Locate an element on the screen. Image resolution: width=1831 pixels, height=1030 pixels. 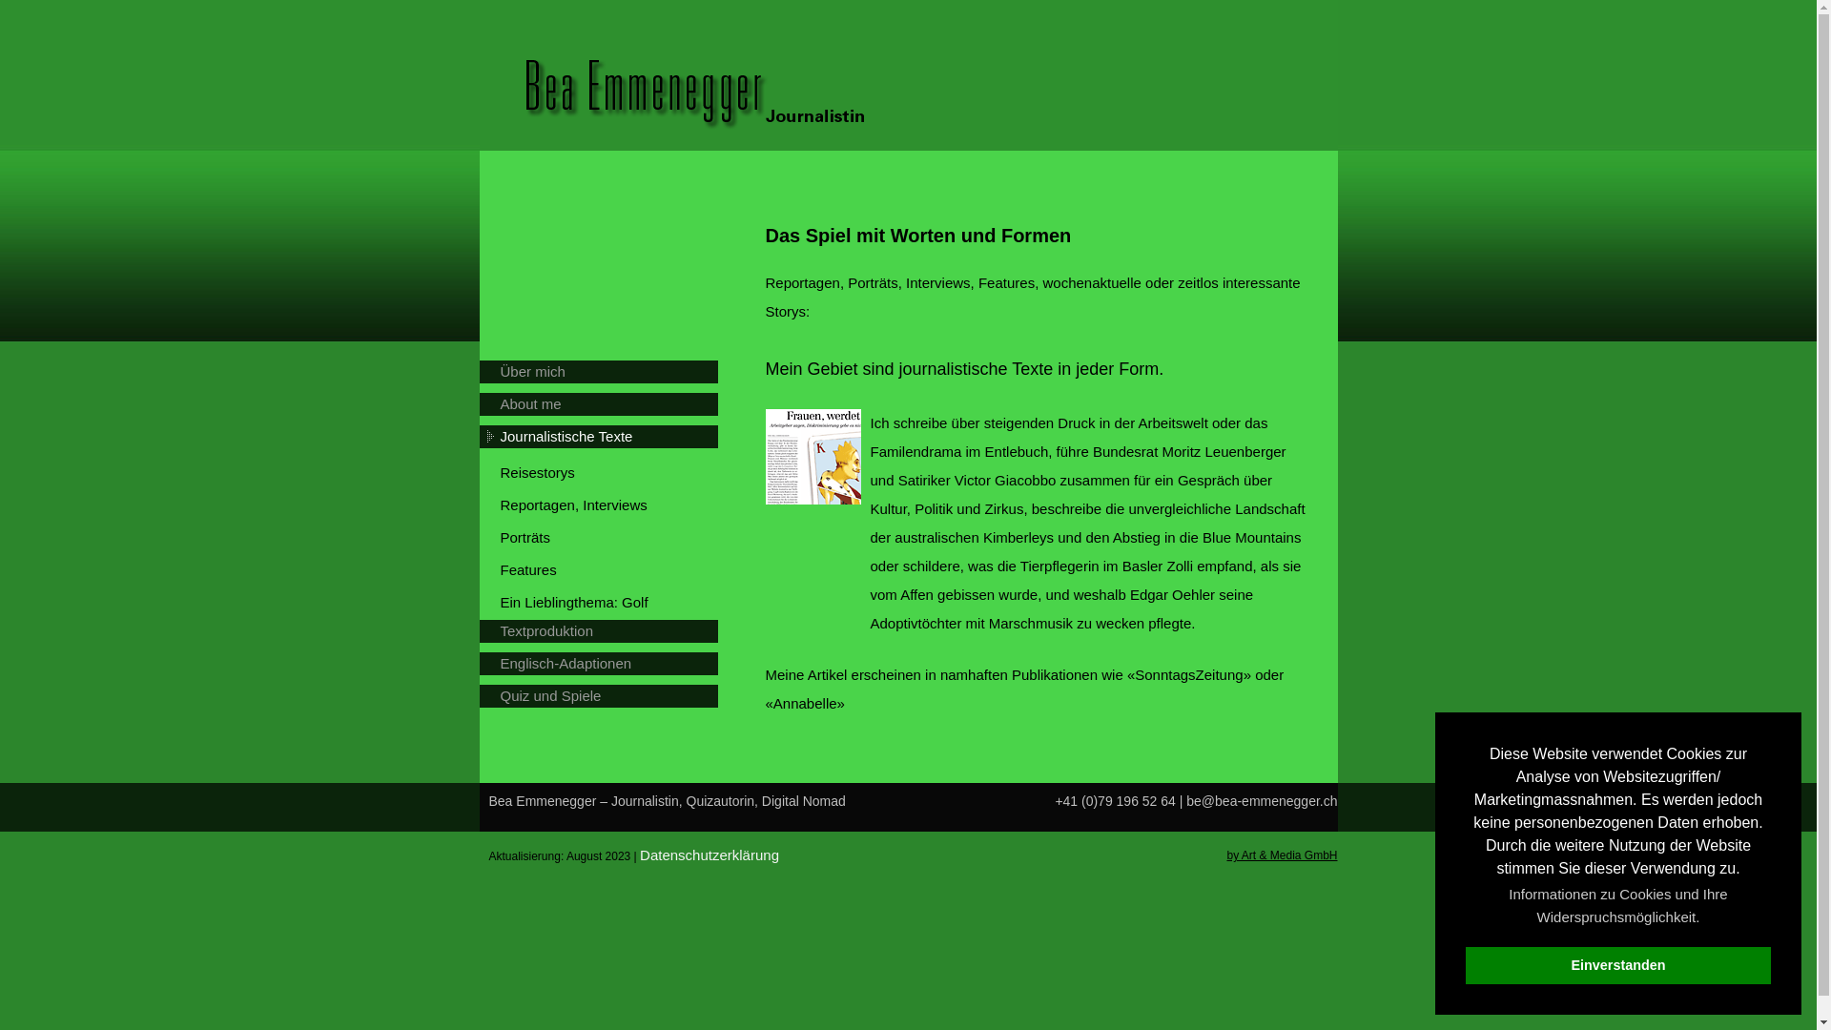
'Journalistische Texte' is located at coordinates (499, 437).